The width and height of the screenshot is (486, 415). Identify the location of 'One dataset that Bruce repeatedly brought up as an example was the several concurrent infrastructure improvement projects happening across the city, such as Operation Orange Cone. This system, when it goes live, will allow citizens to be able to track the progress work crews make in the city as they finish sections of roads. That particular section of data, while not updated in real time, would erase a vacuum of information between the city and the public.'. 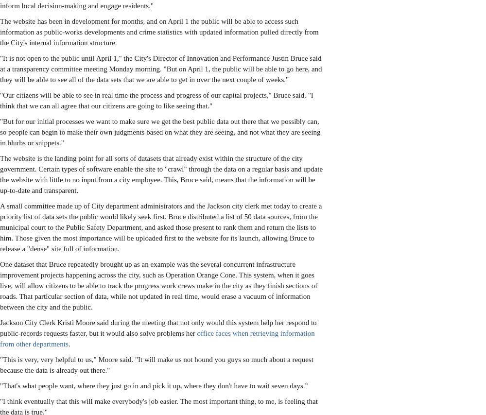
(158, 285).